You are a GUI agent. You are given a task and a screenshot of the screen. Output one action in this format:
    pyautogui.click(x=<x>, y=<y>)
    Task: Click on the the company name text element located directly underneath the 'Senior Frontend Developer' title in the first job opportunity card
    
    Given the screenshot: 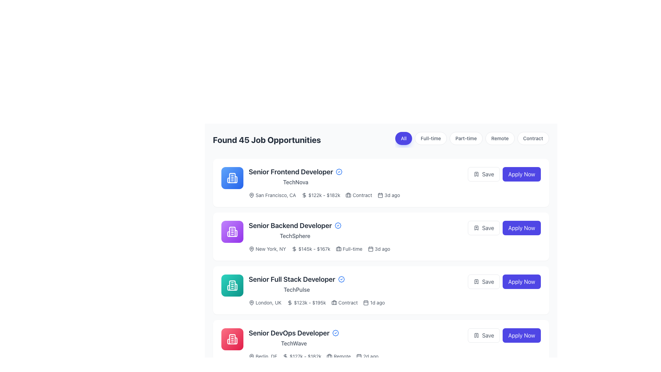 What is the action you would take?
    pyautogui.click(x=296, y=182)
    